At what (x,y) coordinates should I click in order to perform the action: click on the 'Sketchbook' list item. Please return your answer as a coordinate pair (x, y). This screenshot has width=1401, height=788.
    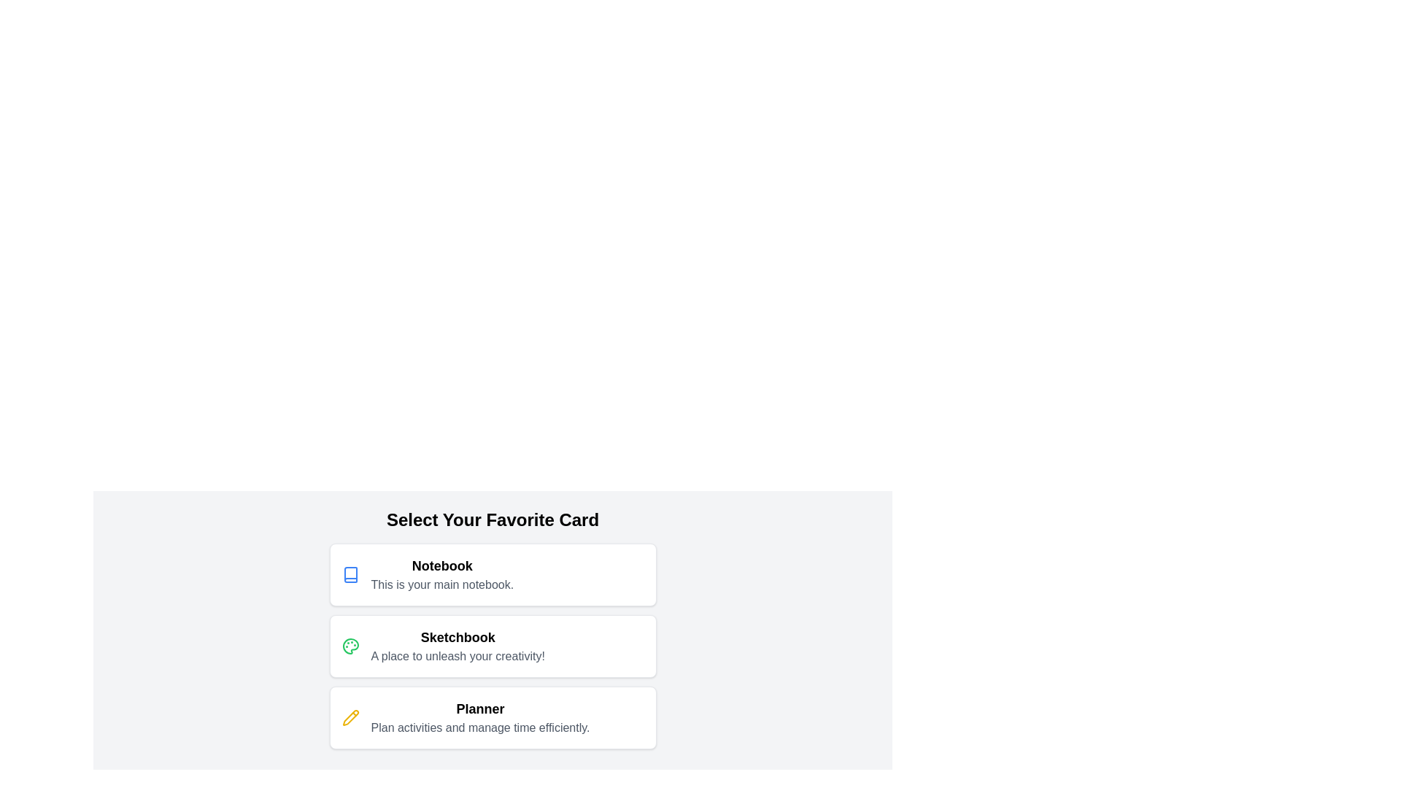
    Looking at the image, I should click on (493, 646).